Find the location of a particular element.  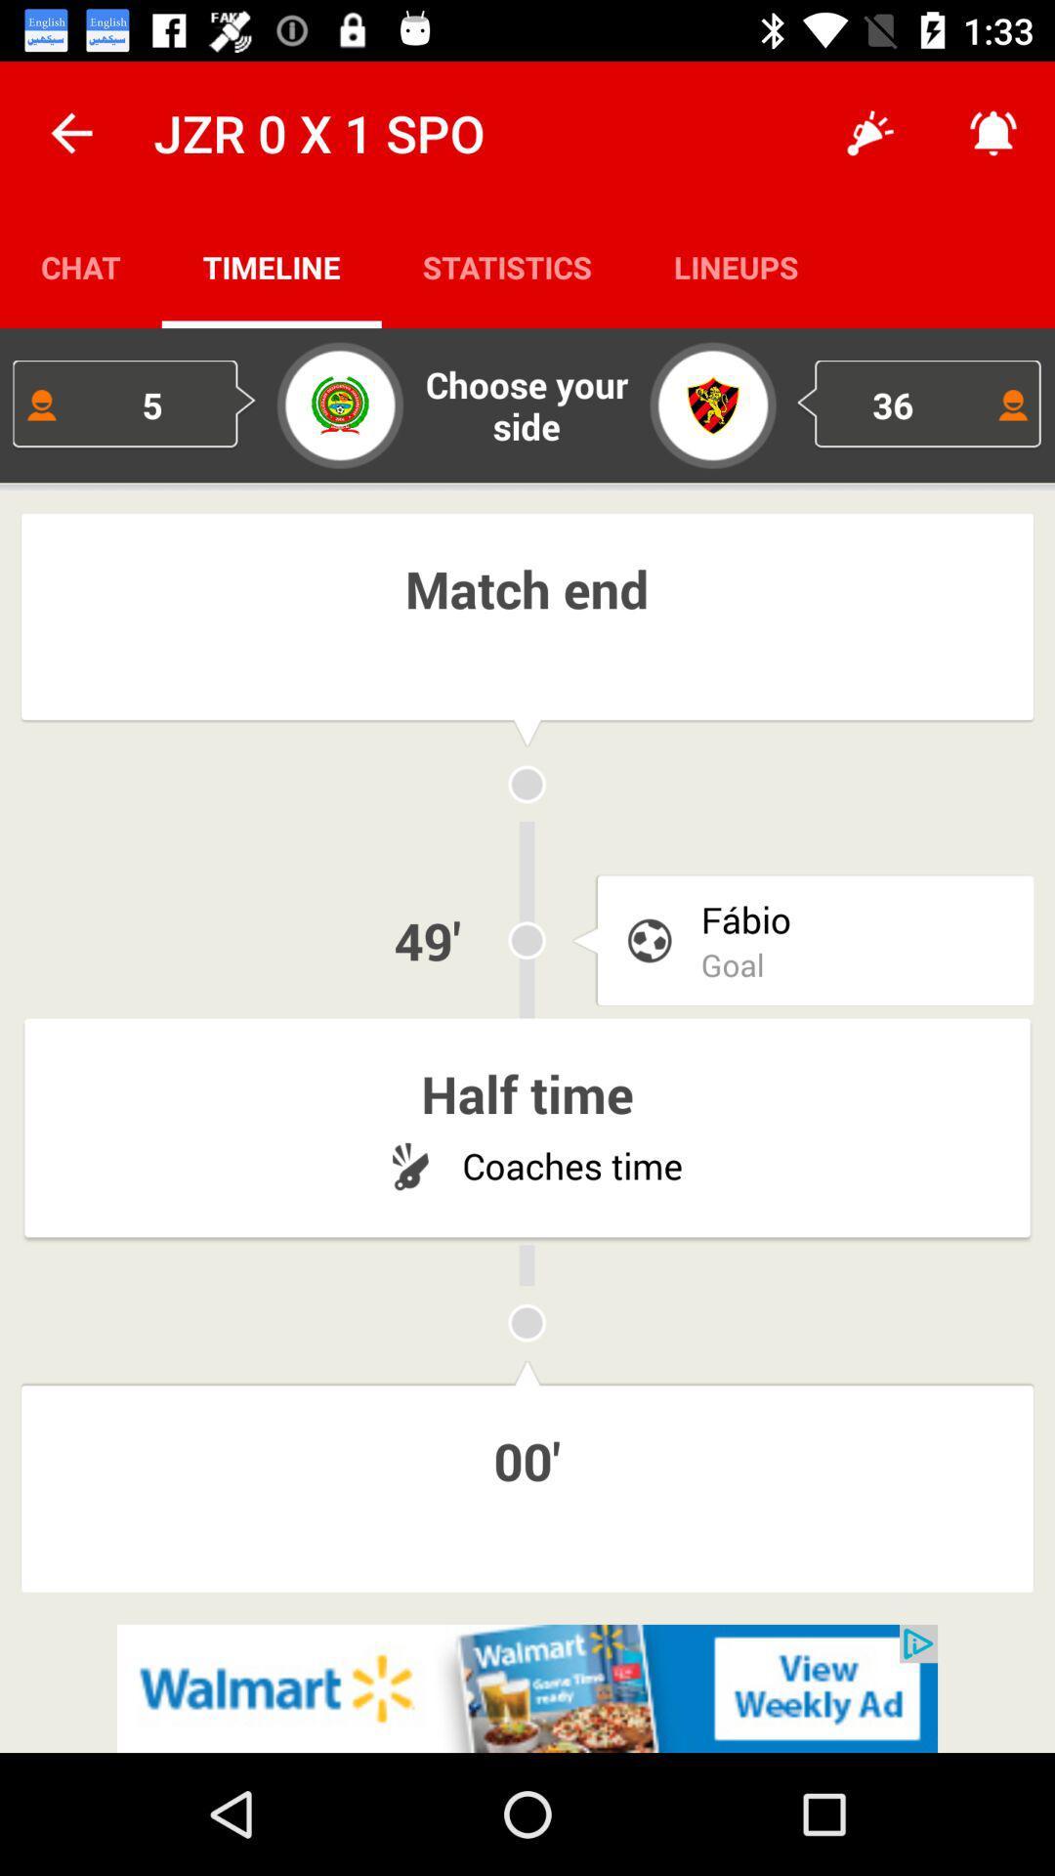

advertisement section is located at coordinates (527, 1687).